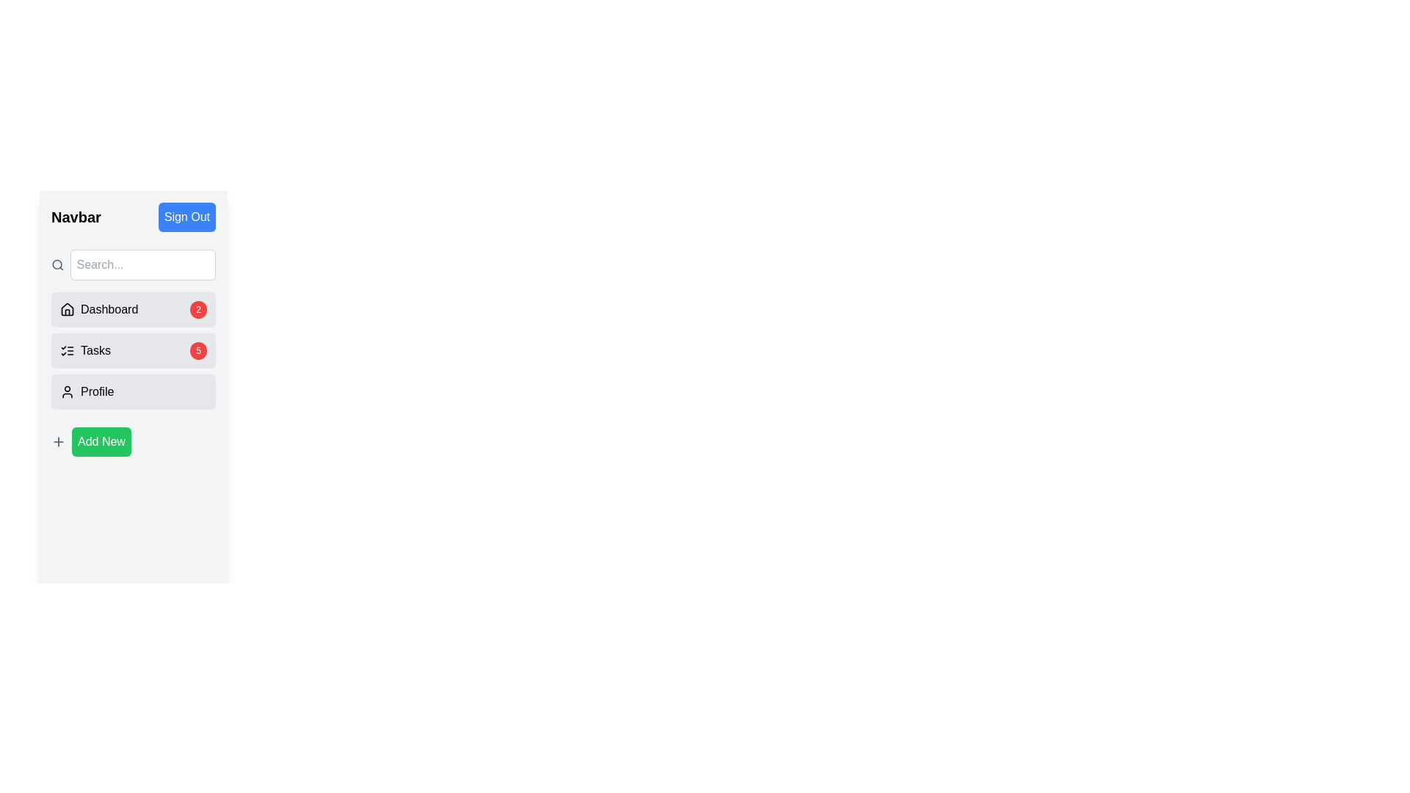  What do you see at coordinates (96, 391) in the screenshot?
I see `label text that indicates the profile section, located in the lower segment of the vertical navigation menu, below the 'Tasks' item and next to a user icon` at bounding box center [96, 391].